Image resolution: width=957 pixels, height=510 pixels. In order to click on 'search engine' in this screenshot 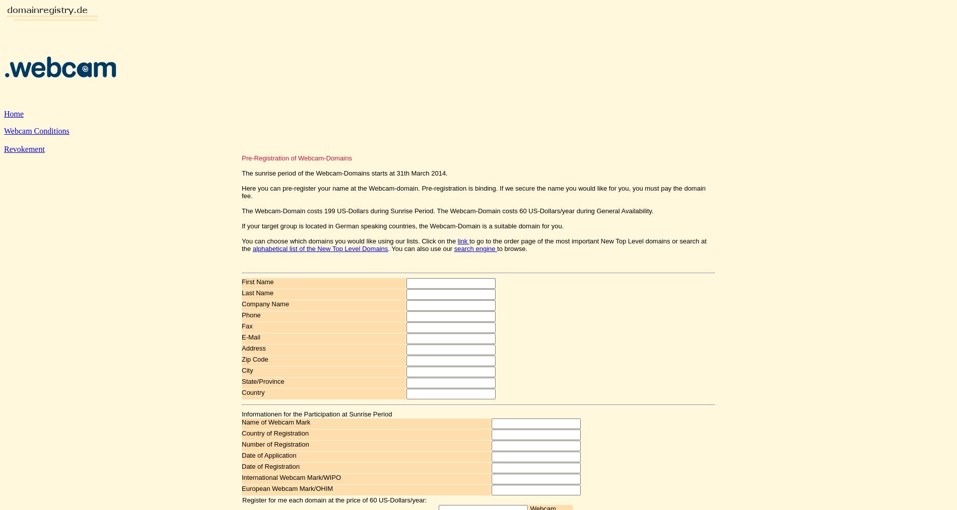, I will do `click(474, 248)`.